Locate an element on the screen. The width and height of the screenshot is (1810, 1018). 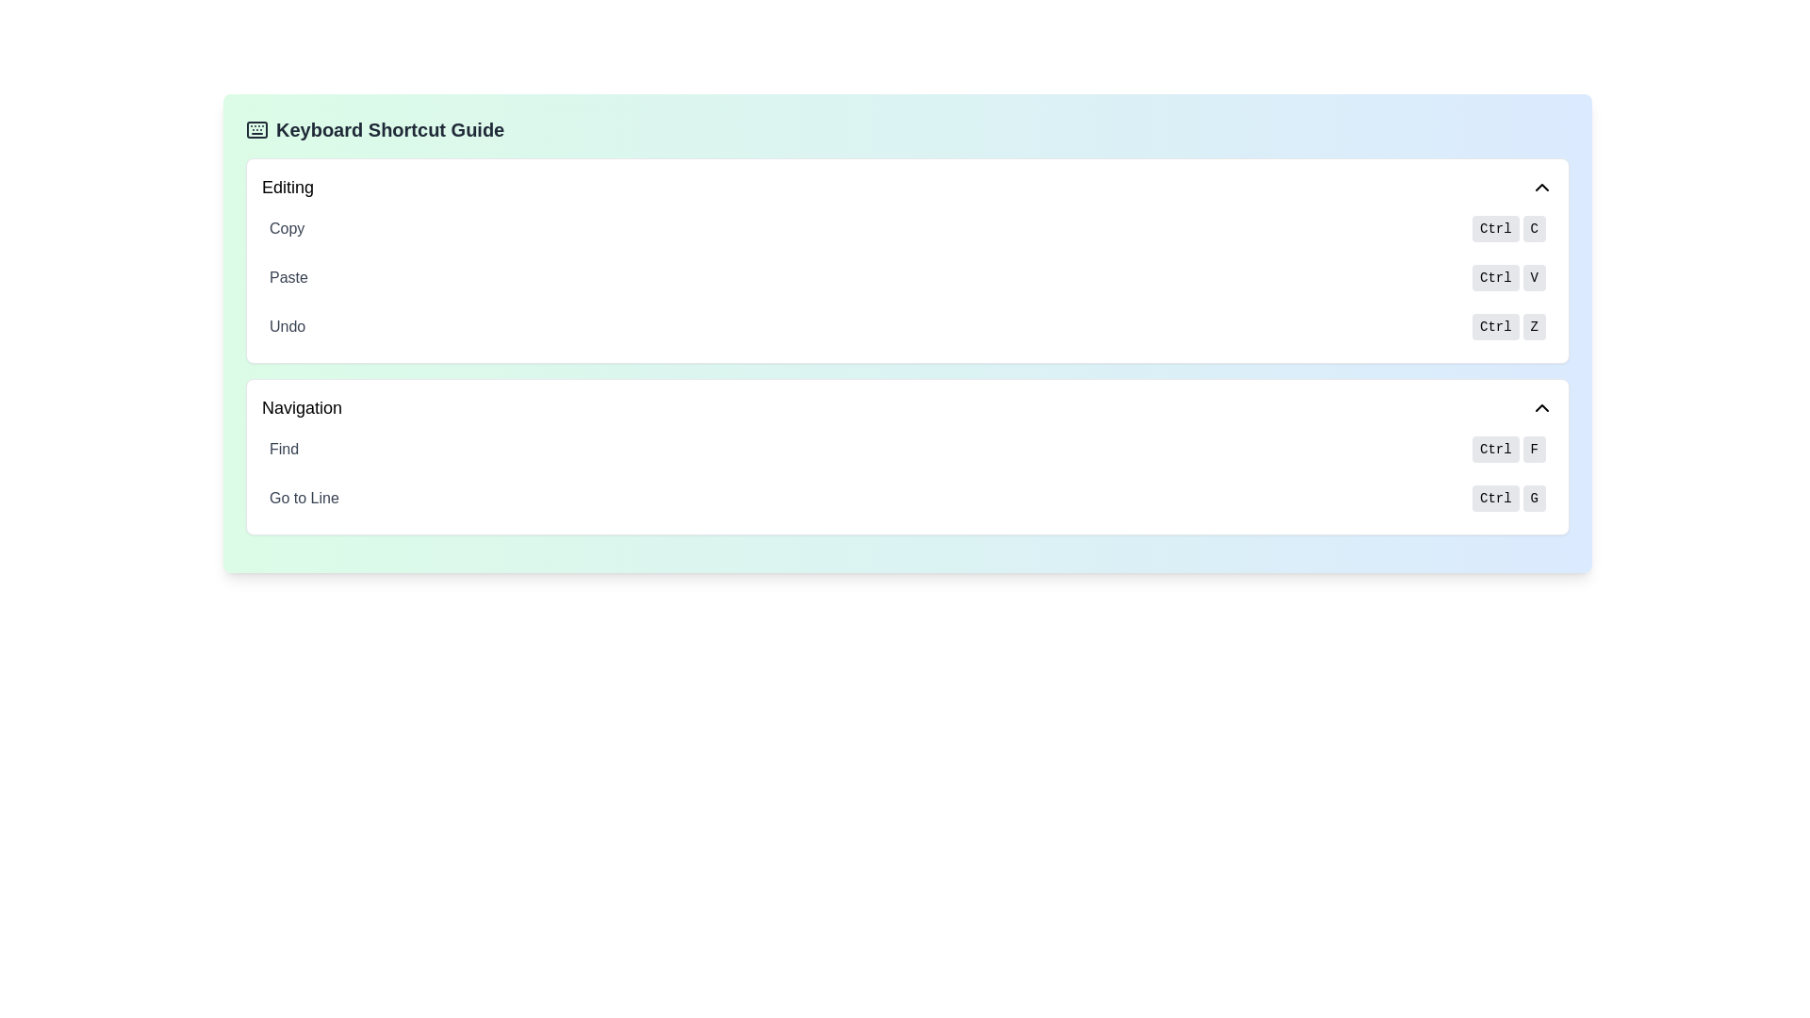
the upward-pointing chevron icon located in the top-right corner of the 'Editing' section header is located at coordinates (1542, 188).